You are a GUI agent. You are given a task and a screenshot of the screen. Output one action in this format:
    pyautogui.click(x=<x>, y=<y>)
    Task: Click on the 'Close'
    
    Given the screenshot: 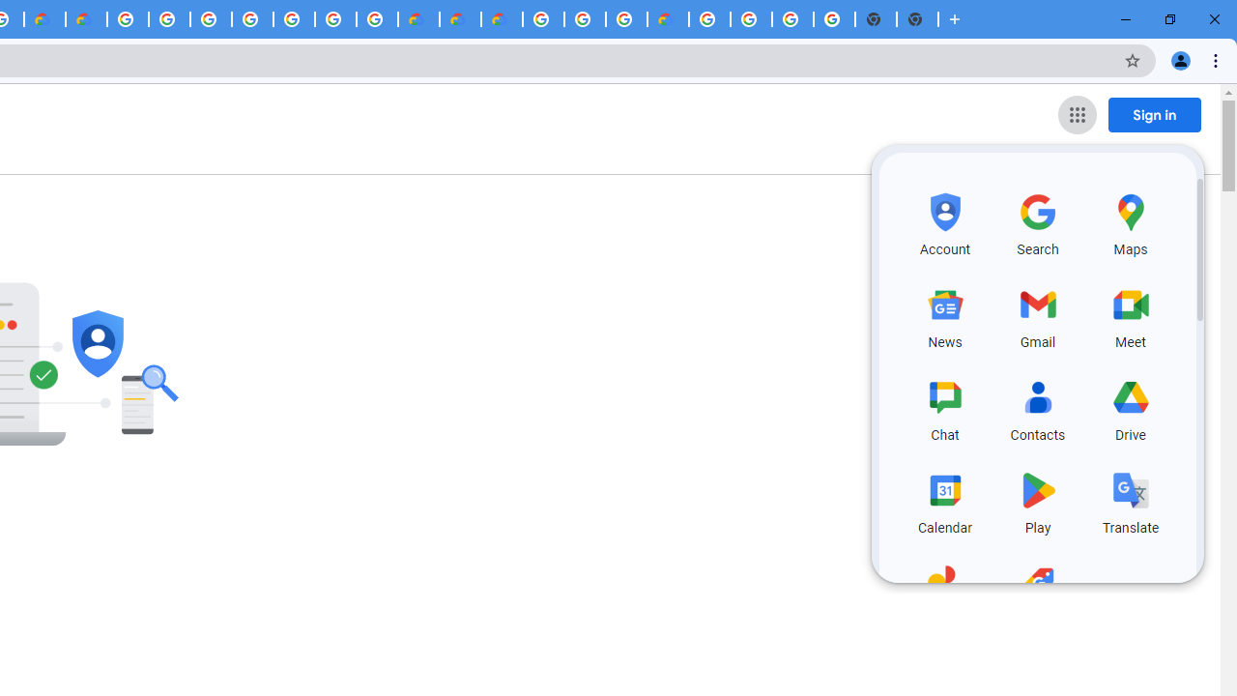 What is the action you would take?
    pyautogui.click(x=1213, y=19)
    